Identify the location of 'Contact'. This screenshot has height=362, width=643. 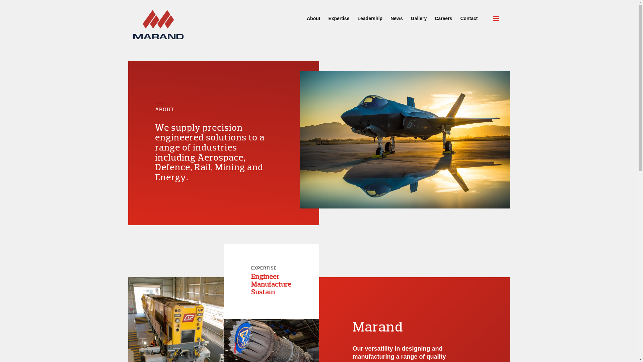
(469, 15).